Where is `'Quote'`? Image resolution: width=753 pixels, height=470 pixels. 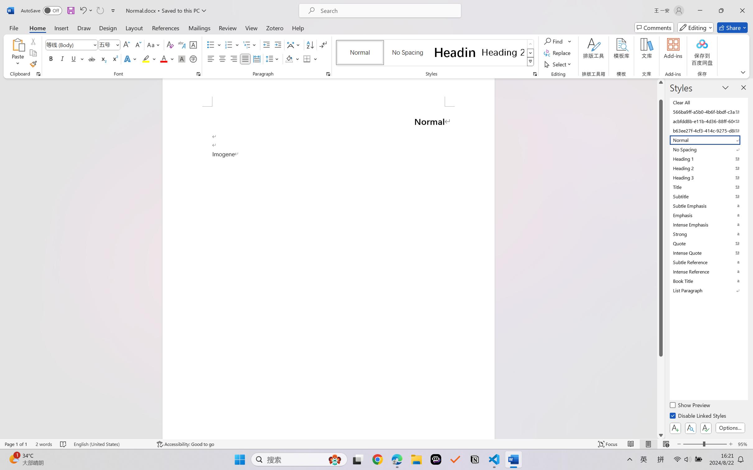
'Quote' is located at coordinates (708, 243).